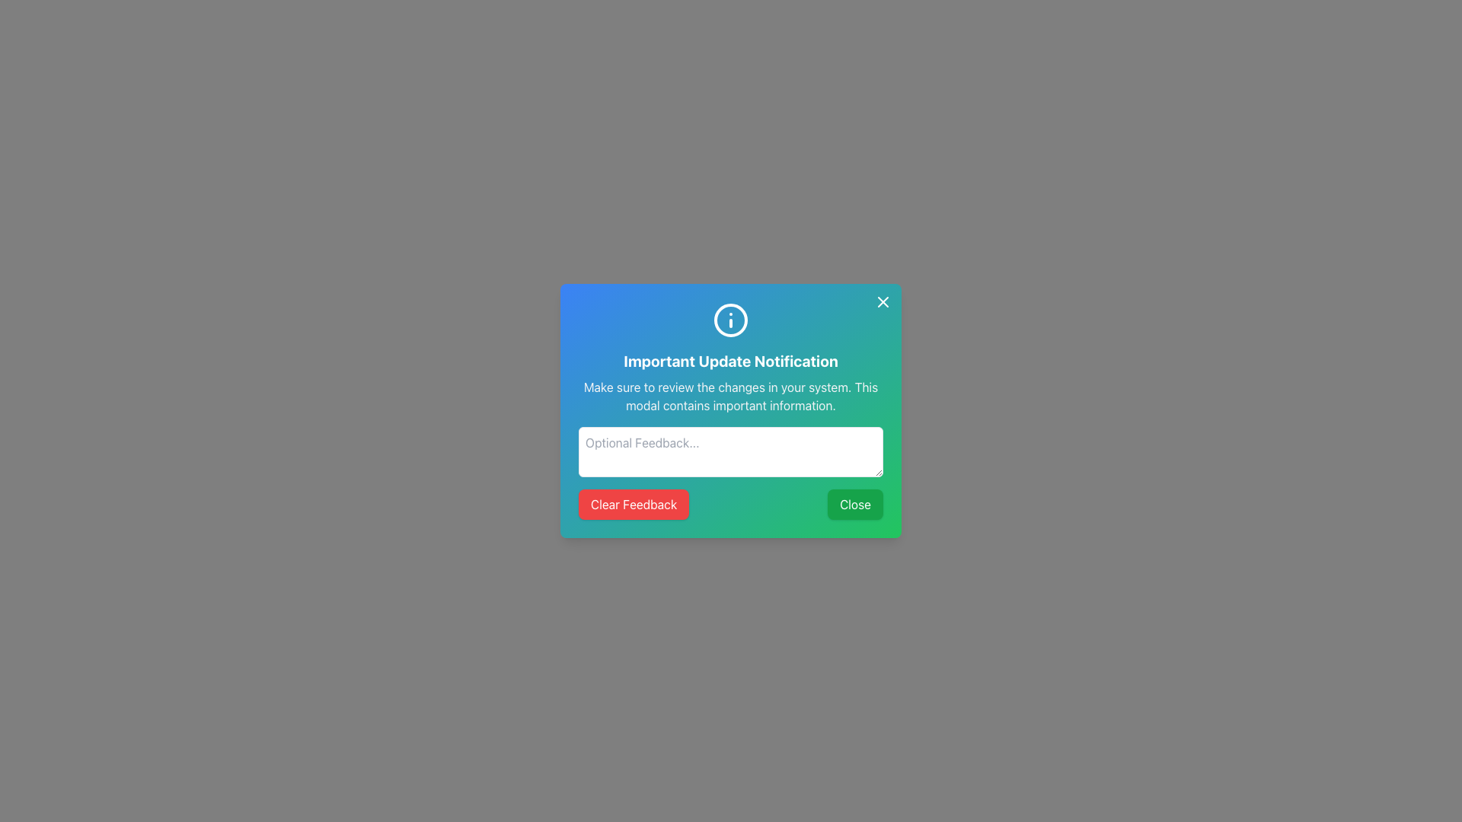  Describe the element at coordinates (731, 319) in the screenshot. I see `the SVG Circle Component, which is a circular shape with a radius of 10 units, centered in the dialog box and above the heading text` at that location.